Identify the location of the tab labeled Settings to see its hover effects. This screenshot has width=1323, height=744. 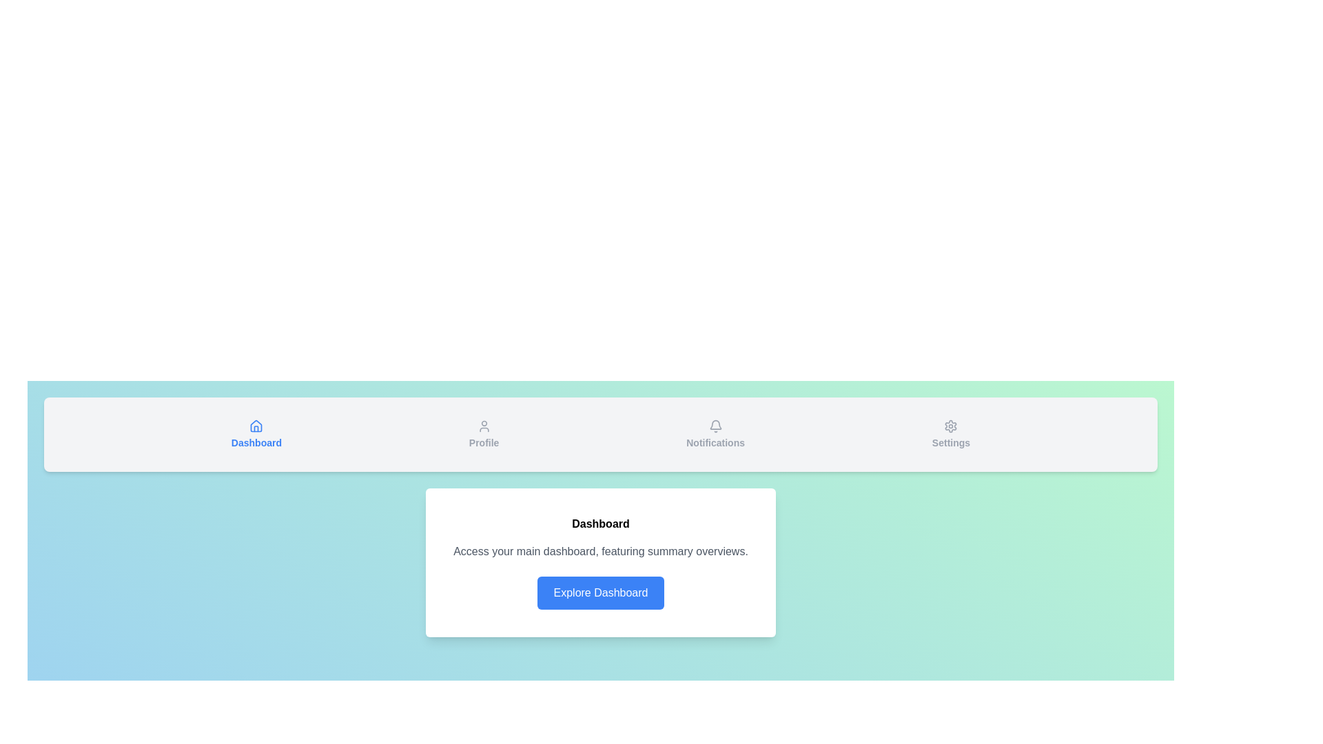
(950, 435).